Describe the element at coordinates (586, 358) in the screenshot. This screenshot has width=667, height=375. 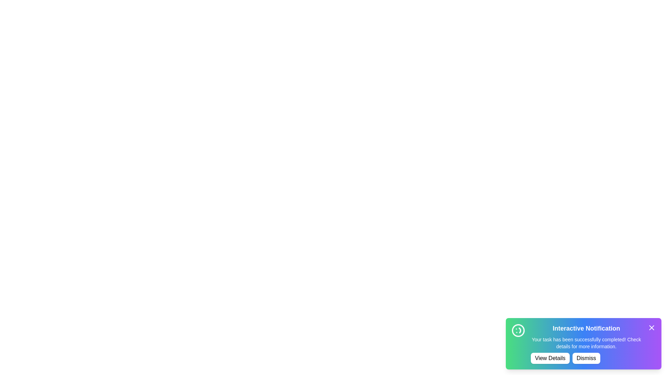
I see `the 'Dismiss' button to close the notification` at that location.